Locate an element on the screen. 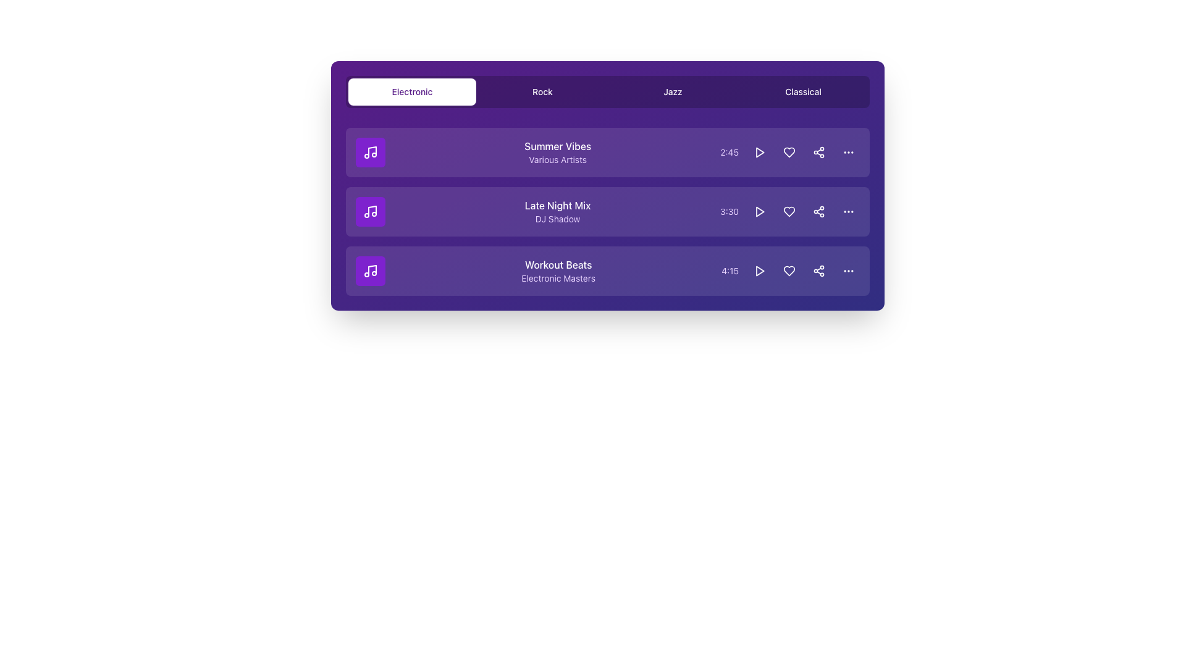 Image resolution: width=1186 pixels, height=667 pixels. the vertical ellipsis icon button for the dropdown or contextual menu, located at the far-right end of the third list item in the playlist is located at coordinates (847, 211).